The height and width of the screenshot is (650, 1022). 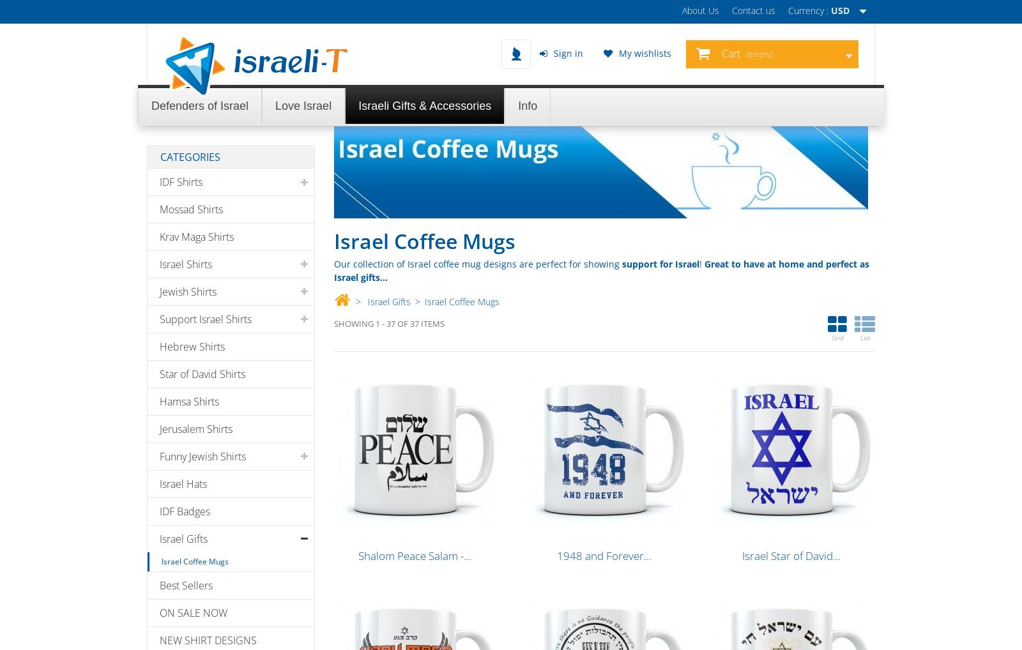 What do you see at coordinates (159, 291) in the screenshot?
I see `'Jewish Shirts'` at bounding box center [159, 291].